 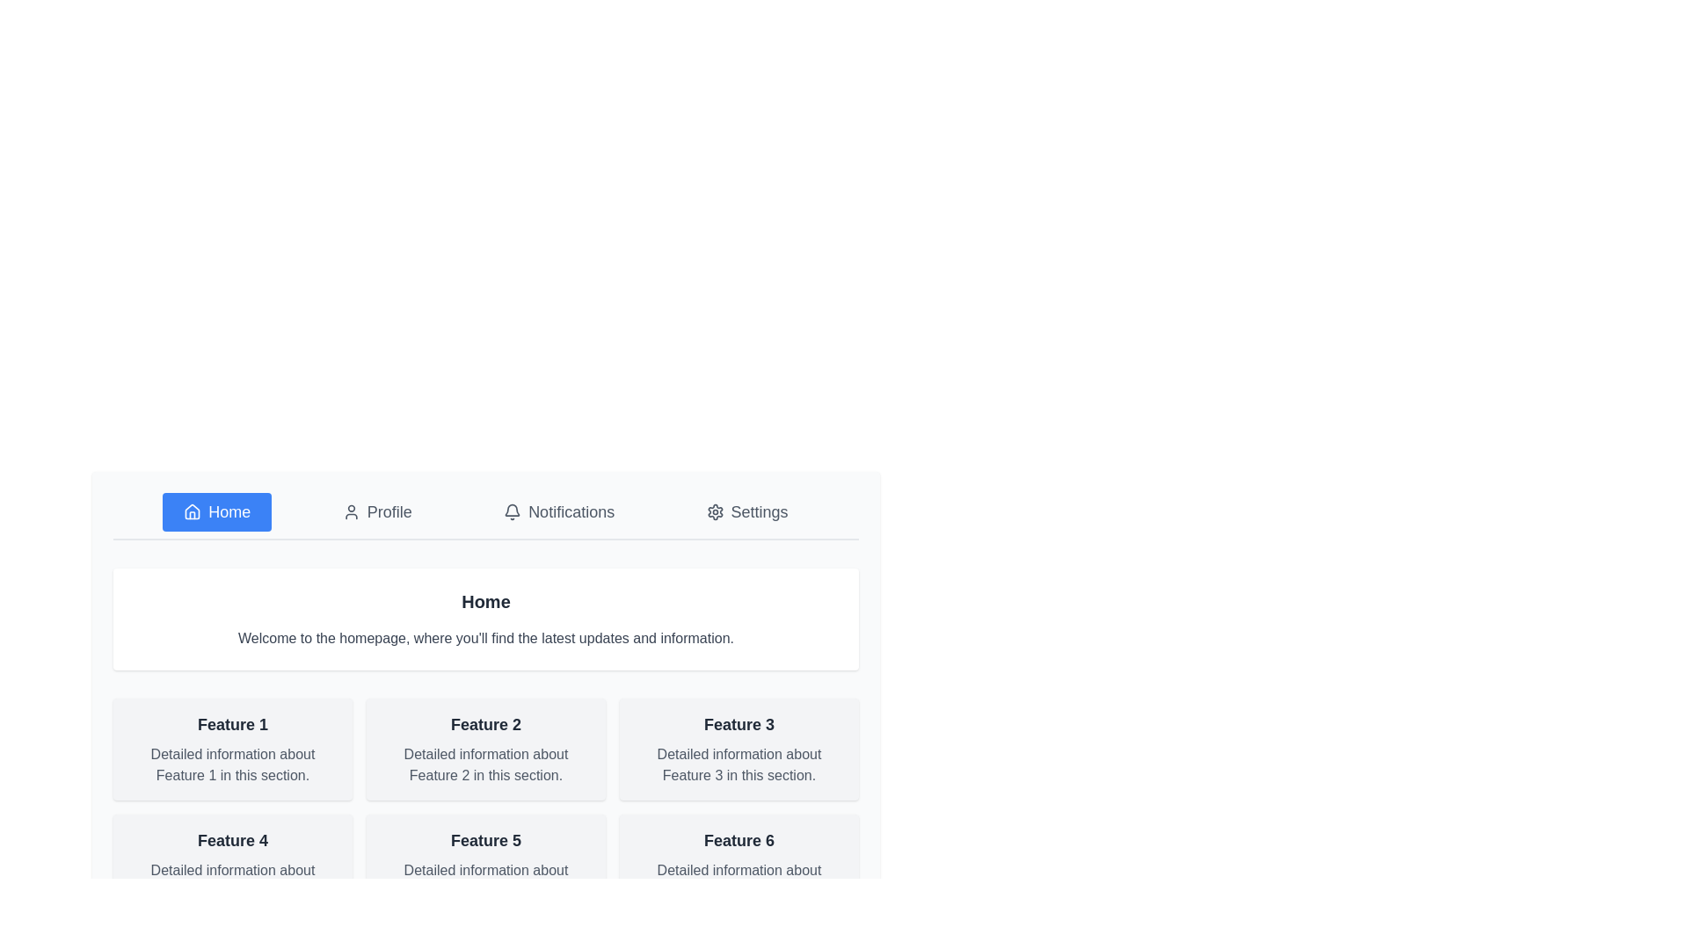 I want to click on the Informational card that presents an overview of Feature 3, located in the third column of the grid, specifically the last card in the first row, positioned to the right of 'Feature 2' and above 'Feature 6', so click(x=738, y=749).